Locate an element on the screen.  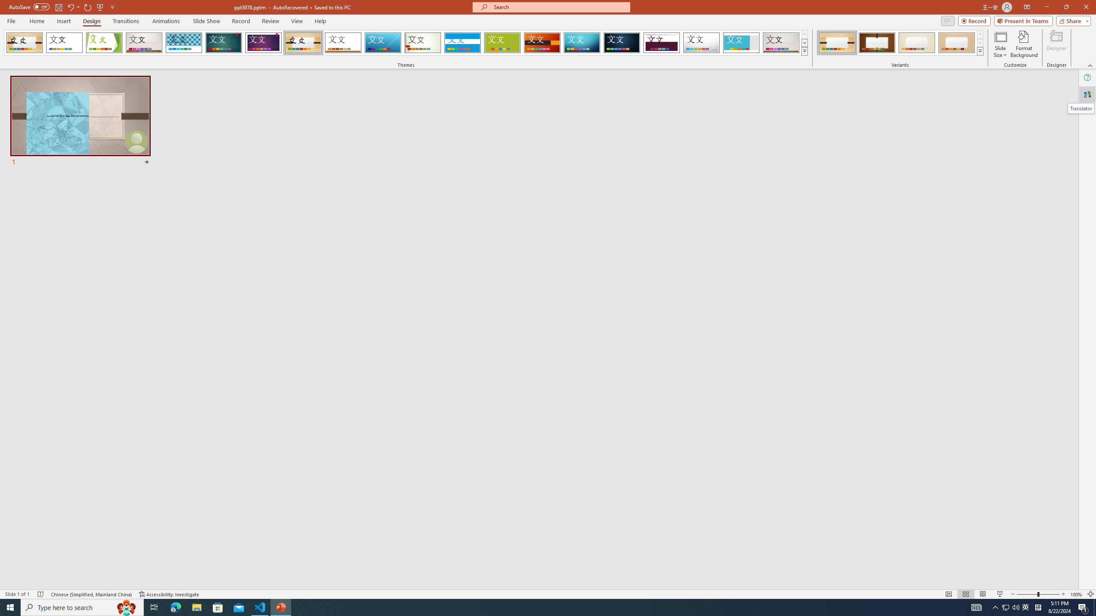
'Droplet' is located at coordinates (701, 42).